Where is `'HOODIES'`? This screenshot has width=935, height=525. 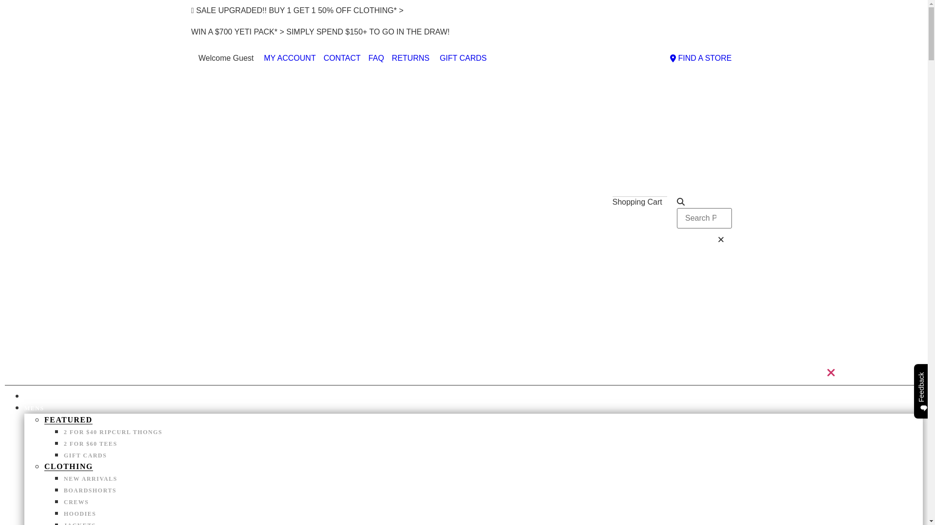
'HOODIES' is located at coordinates (63, 513).